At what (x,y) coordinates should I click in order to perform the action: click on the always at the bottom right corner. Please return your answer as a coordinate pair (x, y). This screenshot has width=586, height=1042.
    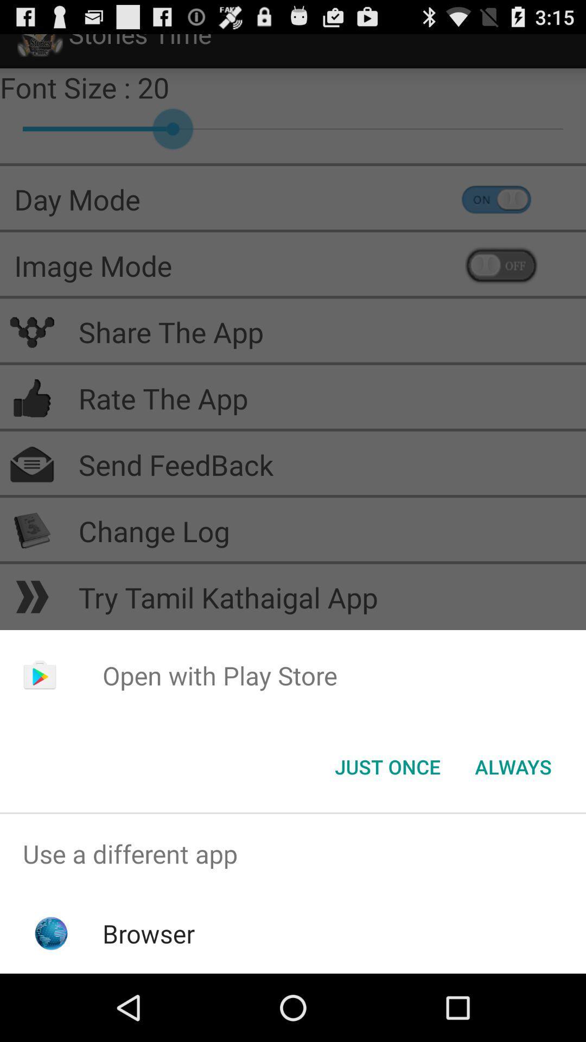
    Looking at the image, I should click on (513, 766).